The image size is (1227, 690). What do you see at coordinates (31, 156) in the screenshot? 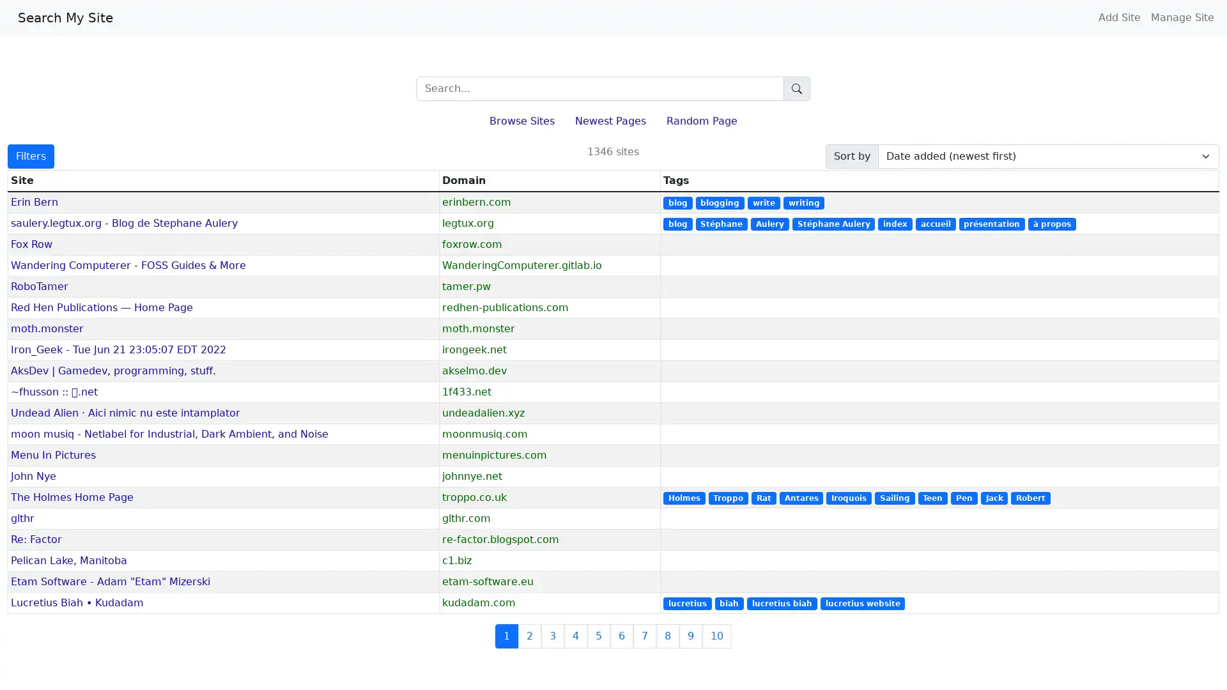
I see `Filters` at bounding box center [31, 156].